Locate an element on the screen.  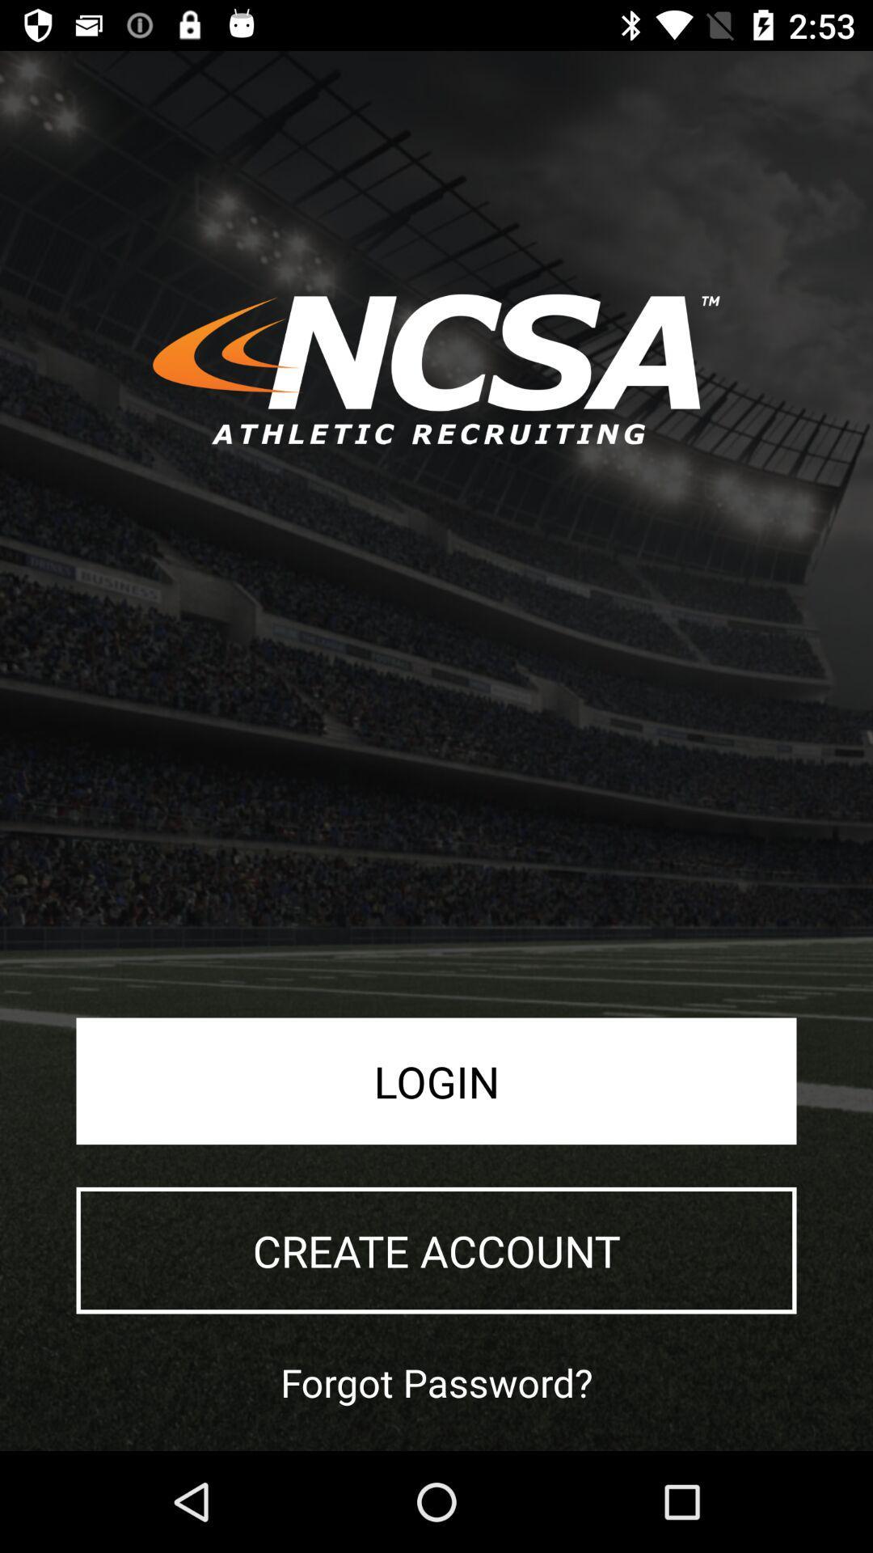
icon above create account app is located at coordinates (436, 1081).